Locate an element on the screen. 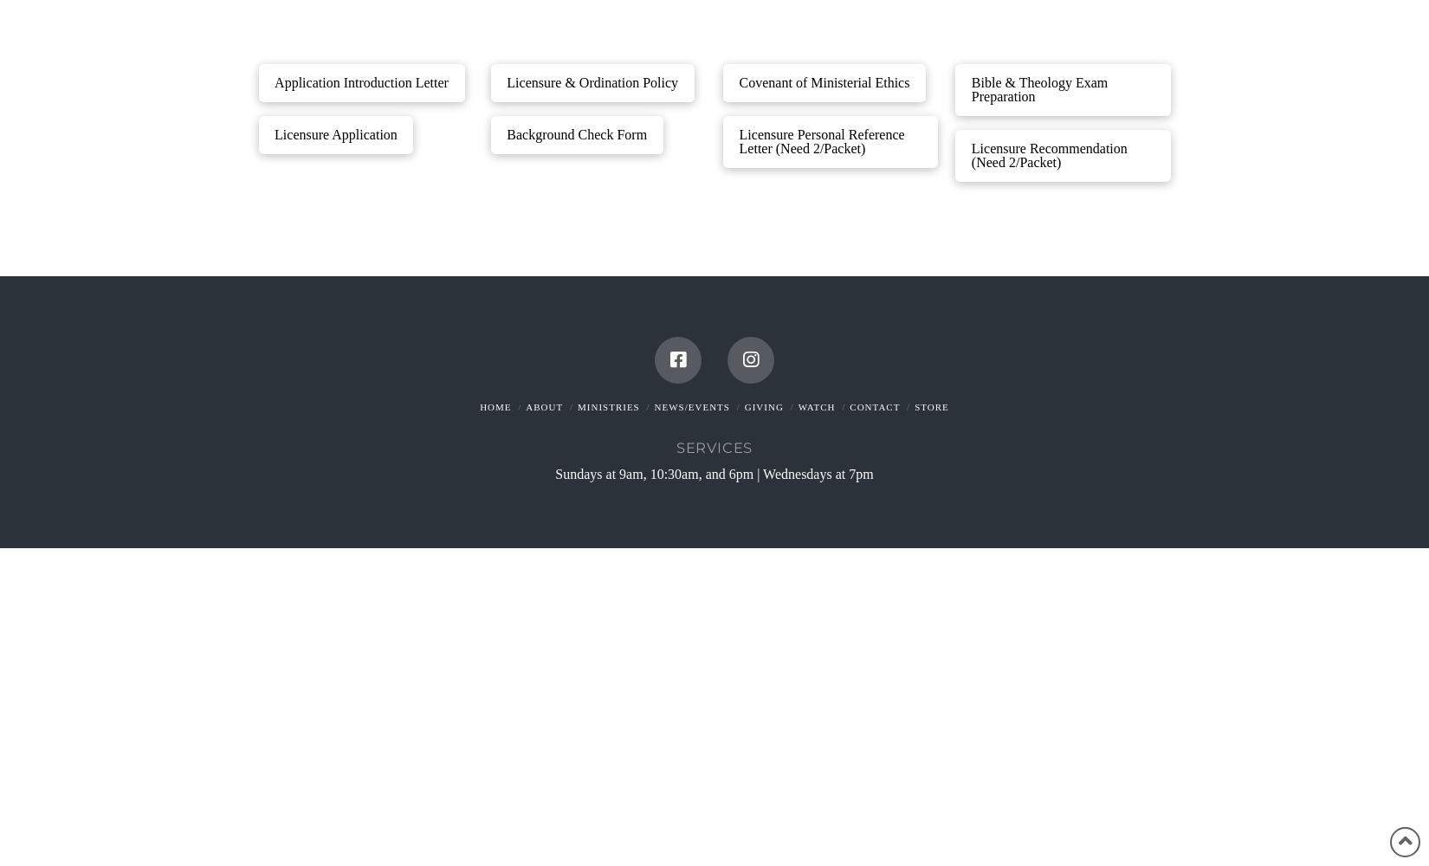  'Bible & Theology Exam Preparation' is located at coordinates (971, 87).